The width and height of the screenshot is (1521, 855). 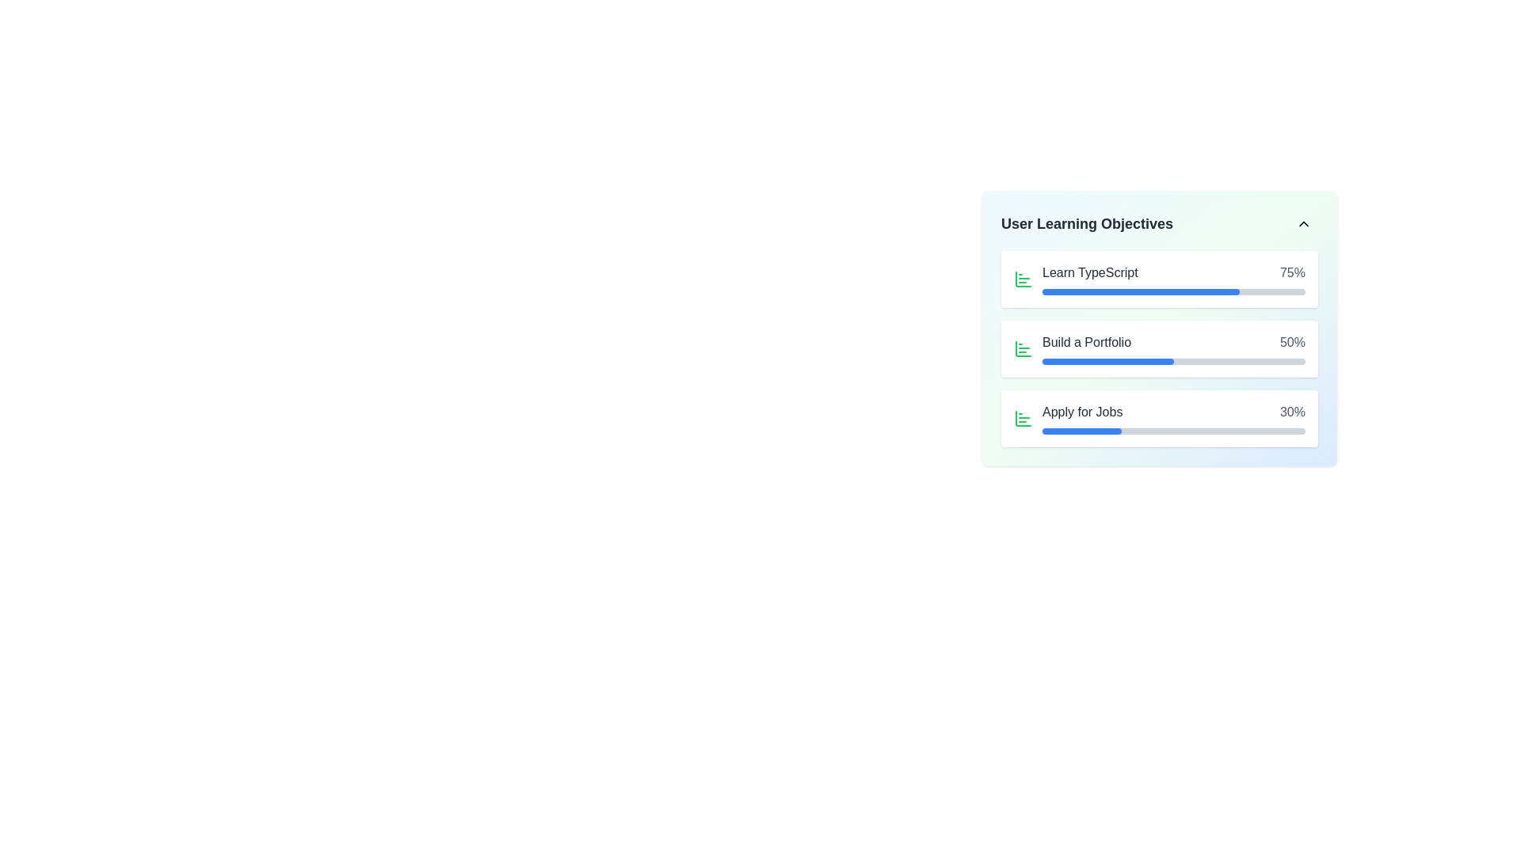 I want to click on the text label displaying '30%' in gray font, which is aligned to the right next to the 'Apply for Jobs' row in the 'User Learning Objectives' panel, so click(x=1293, y=411).